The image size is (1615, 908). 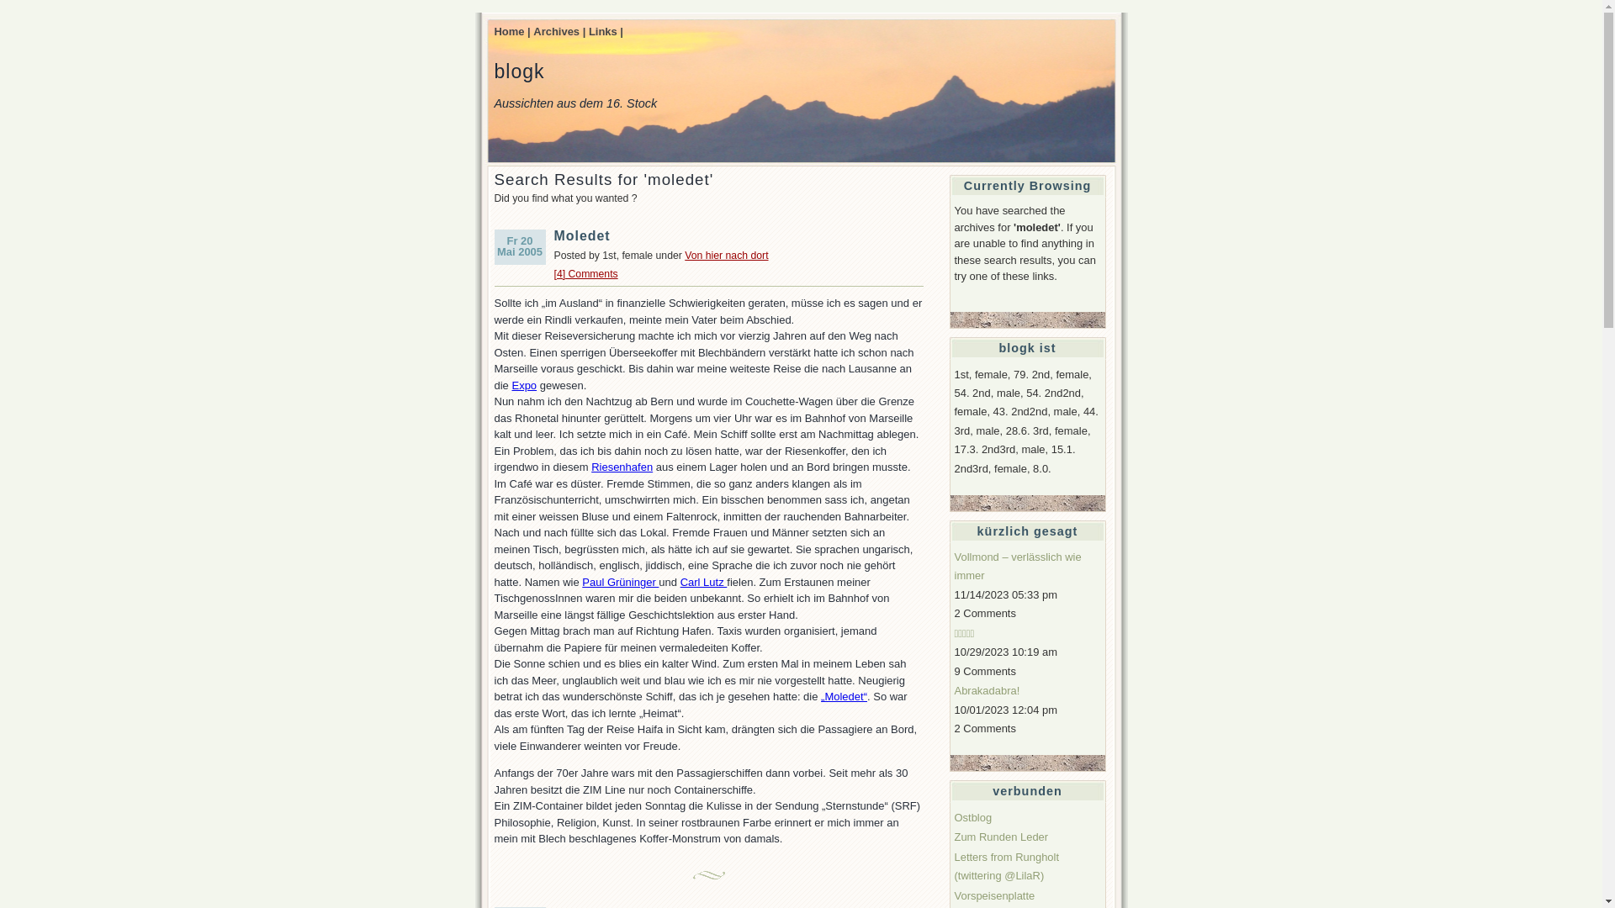 I want to click on 'Riesenhafen', so click(x=590, y=467).